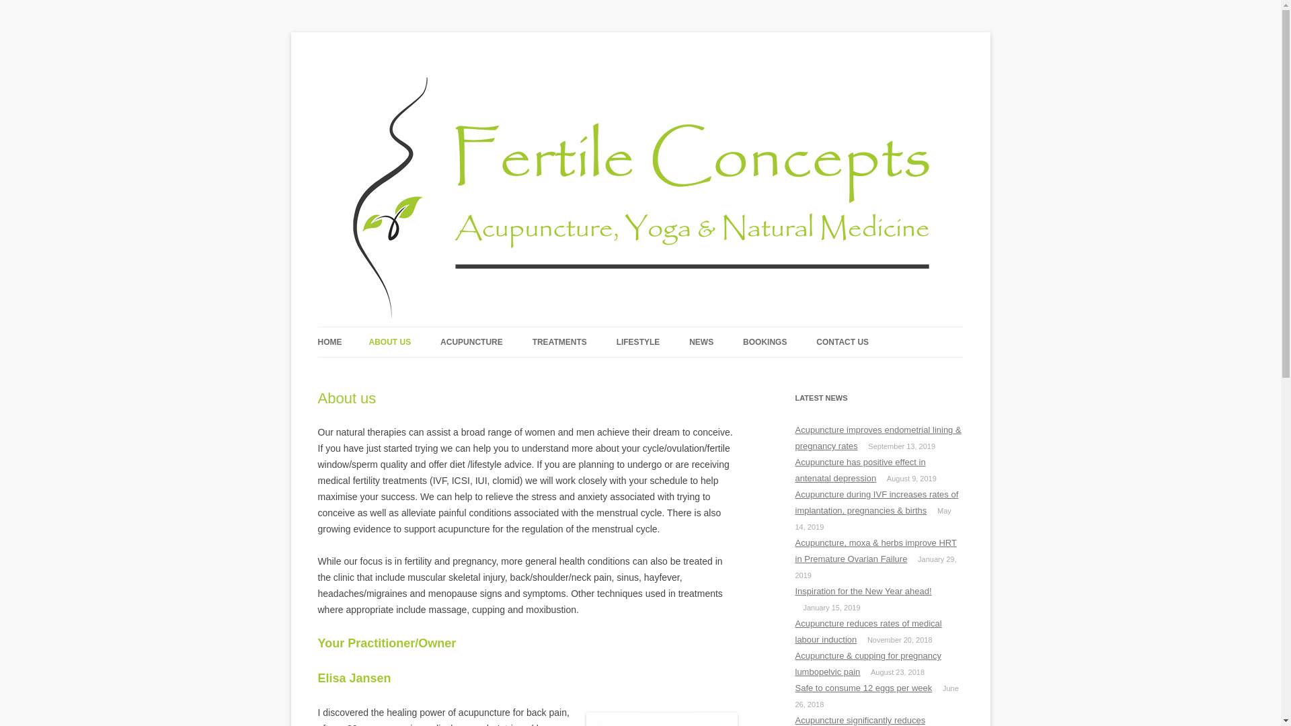  I want to click on 'Acupuncture & cupping for pregnancy lumbopelvic pain', so click(868, 663).